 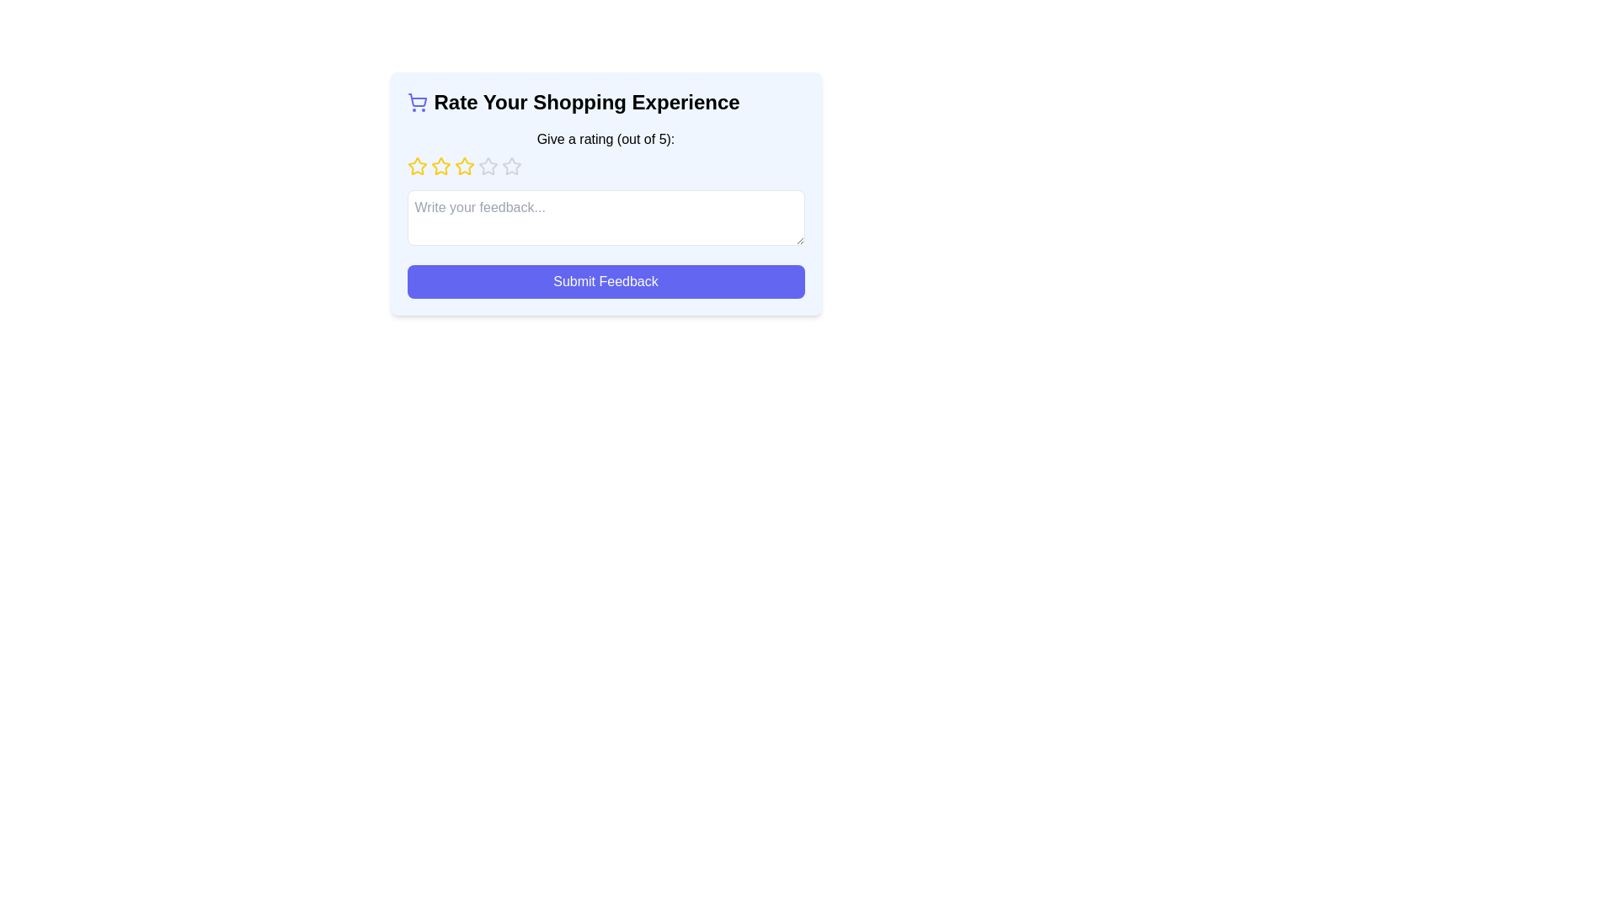 What do you see at coordinates (510, 166) in the screenshot?
I see `the fifth star icon in the rating component` at bounding box center [510, 166].